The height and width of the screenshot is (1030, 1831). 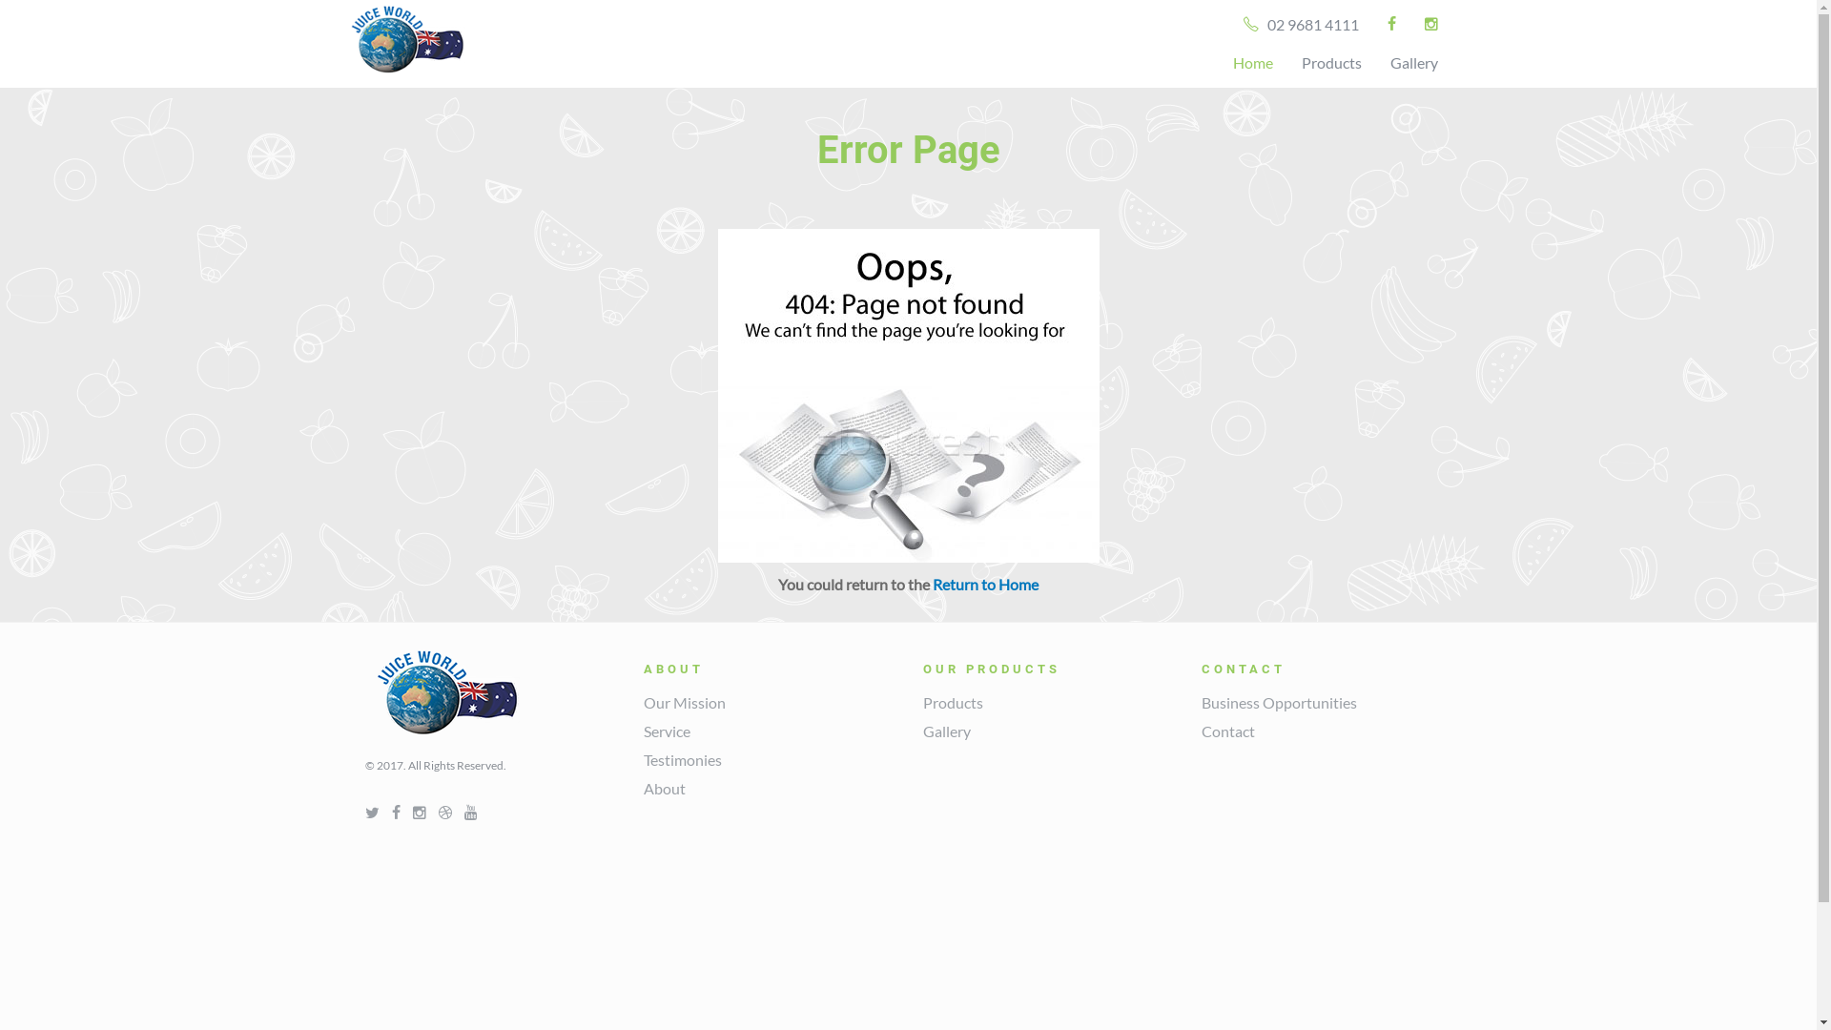 I want to click on 'Testimonies', so click(x=644, y=758).